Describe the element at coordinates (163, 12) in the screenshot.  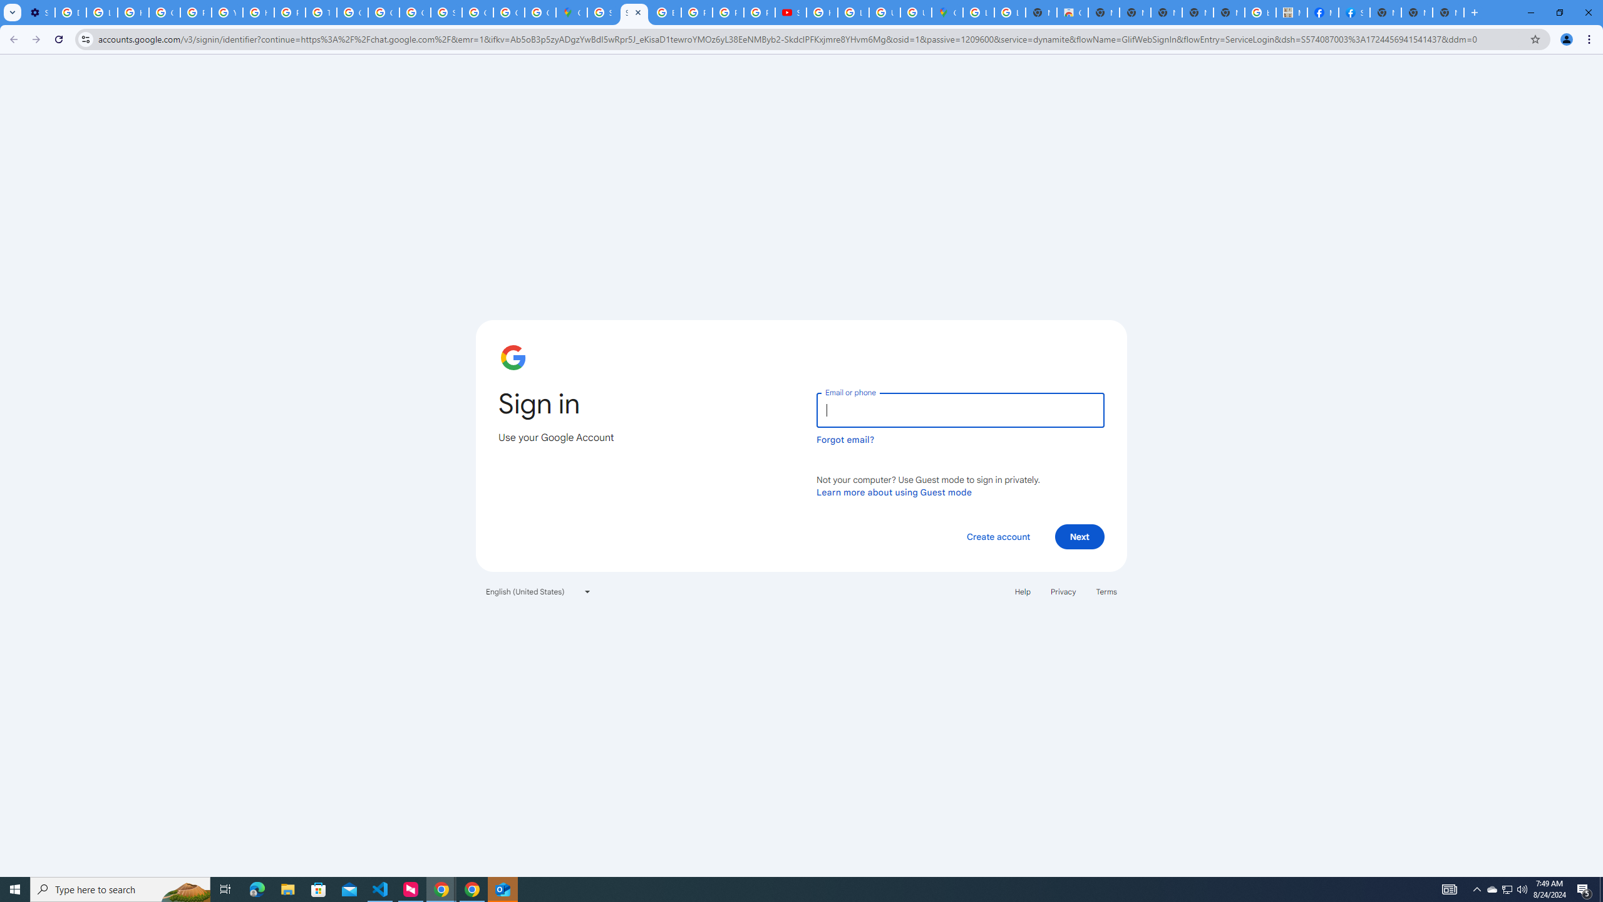
I see `'Google Account Help'` at that location.